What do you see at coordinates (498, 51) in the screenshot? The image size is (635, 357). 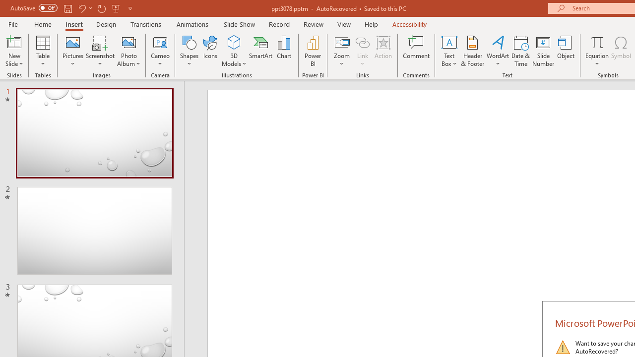 I see `'WordArt'` at bounding box center [498, 51].